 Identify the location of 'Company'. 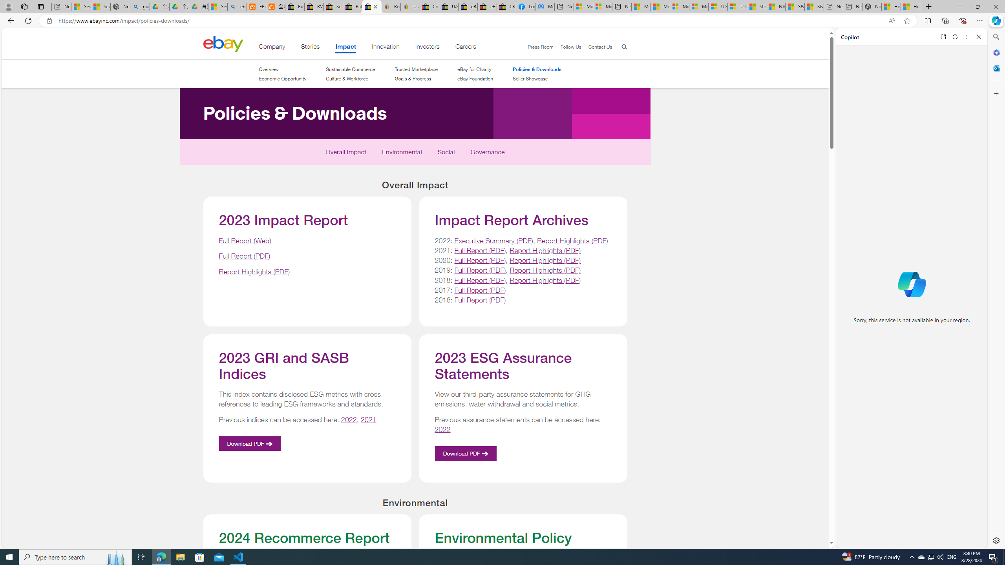
(272, 48).